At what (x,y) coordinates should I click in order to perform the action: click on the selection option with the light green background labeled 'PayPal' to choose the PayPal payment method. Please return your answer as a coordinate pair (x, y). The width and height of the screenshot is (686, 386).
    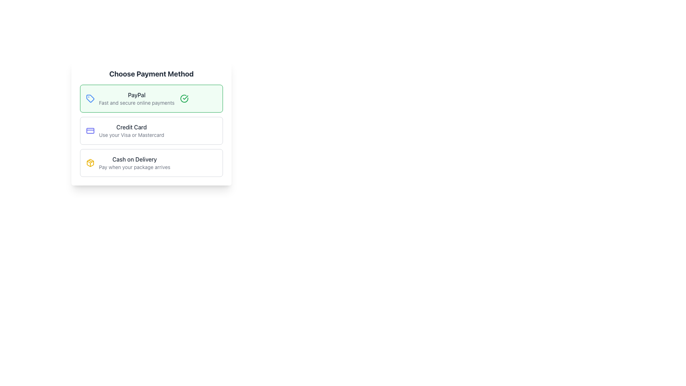
    Looking at the image, I should click on (151, 99).